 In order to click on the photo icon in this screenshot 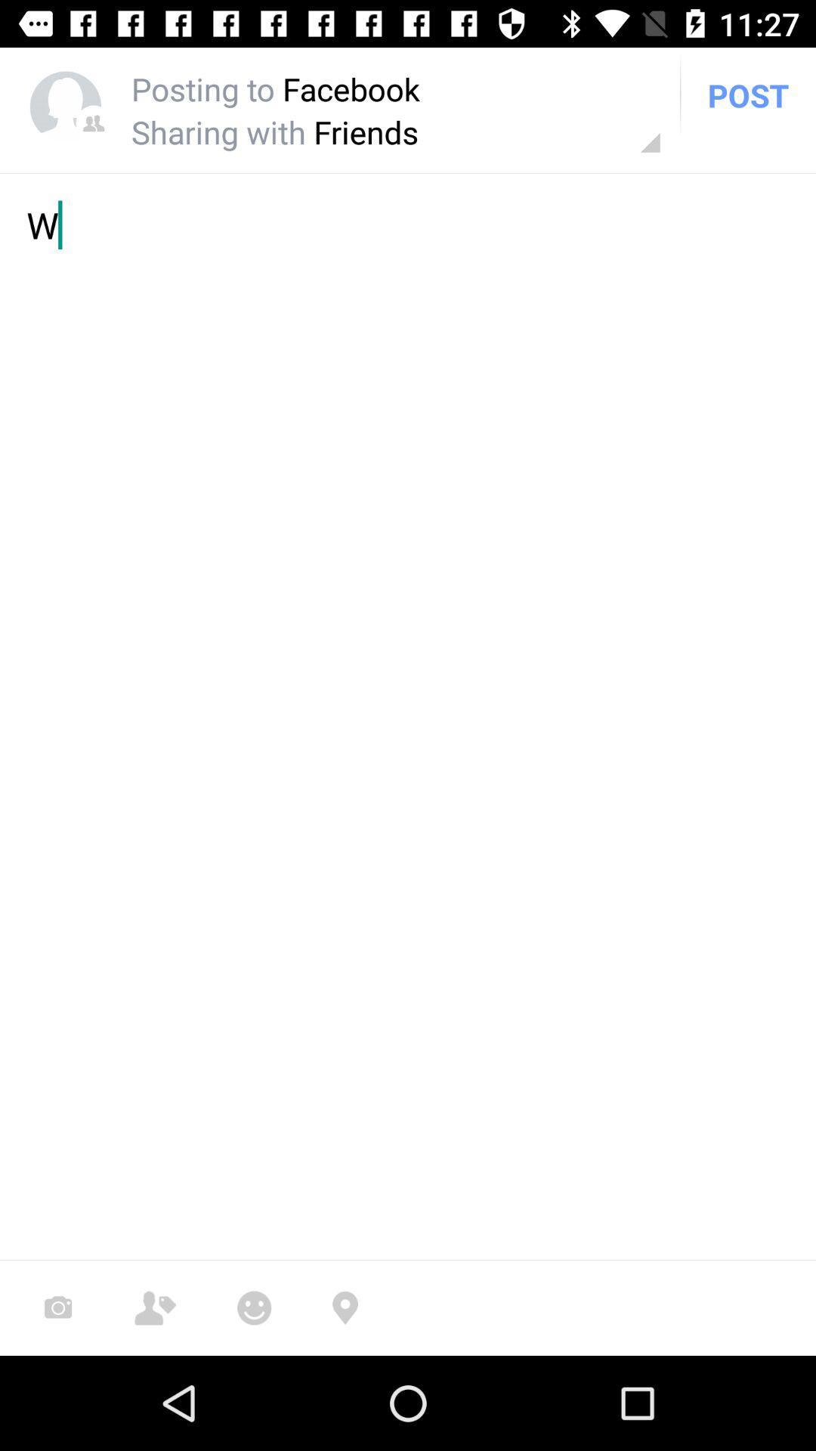, I will do `click(57, 1307)`.